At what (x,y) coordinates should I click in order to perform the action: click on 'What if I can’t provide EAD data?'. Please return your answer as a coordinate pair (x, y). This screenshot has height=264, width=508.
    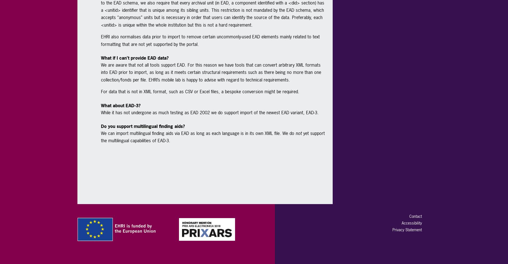
    Looking at the image, I should click on (100, 57).